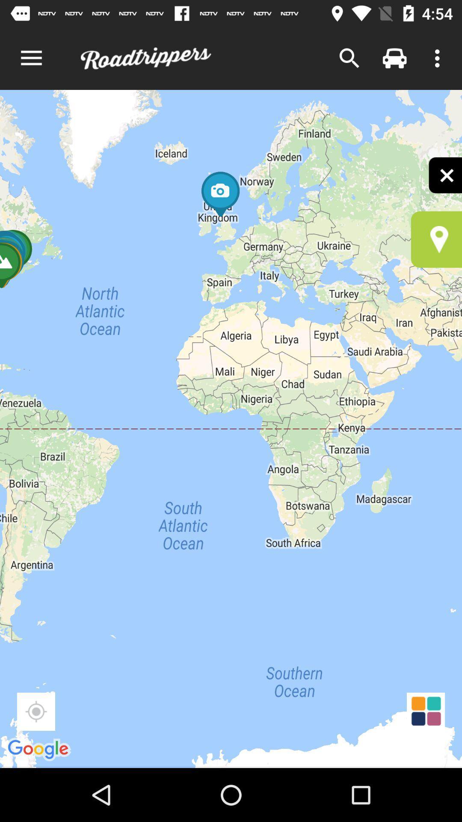  Describe the element at coordinates (436, 239) in the screenshot. I see `the location icon` at that location.